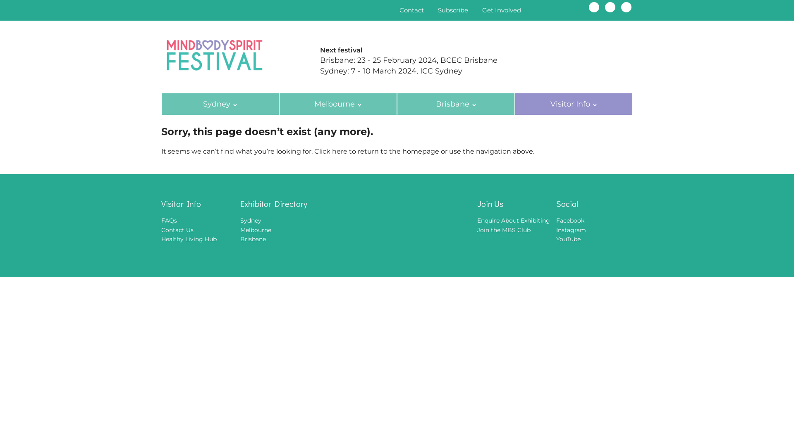 This screenshot has height=446, width=794. What do you see at coordinates (288, 204) in the screenshot?
I see `'Exhibitor Directory'` at bounding box center [288, 204].